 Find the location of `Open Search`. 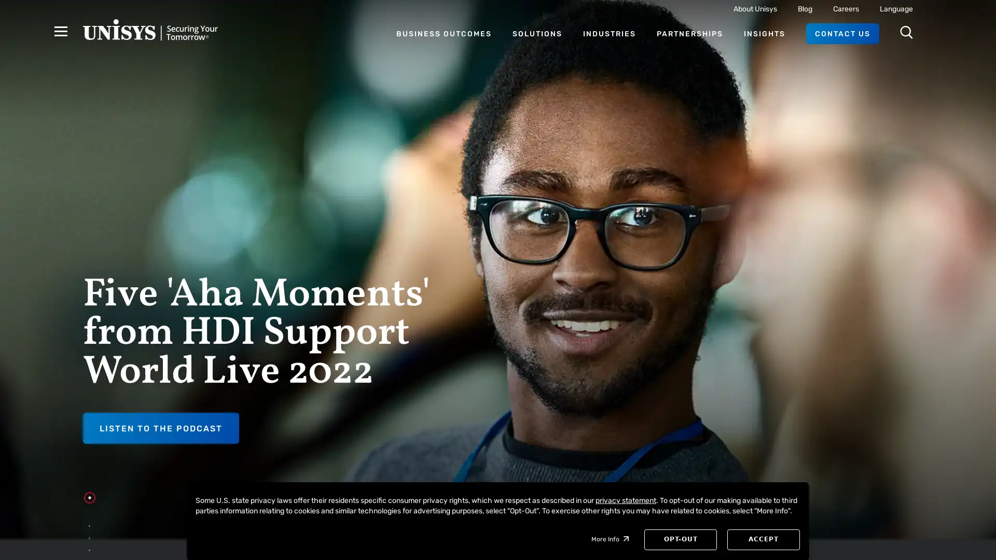

Open Search is located at coordinates (906, 32).